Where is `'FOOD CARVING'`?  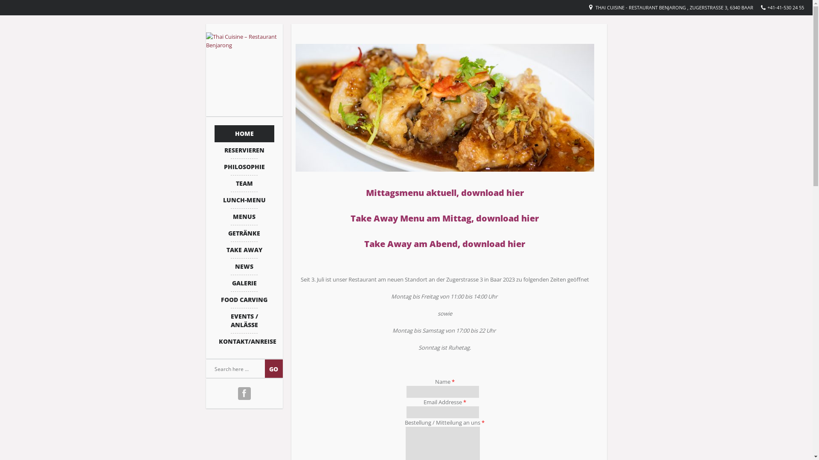 'FOOD CARVING' is located at coordinates (243, 299).